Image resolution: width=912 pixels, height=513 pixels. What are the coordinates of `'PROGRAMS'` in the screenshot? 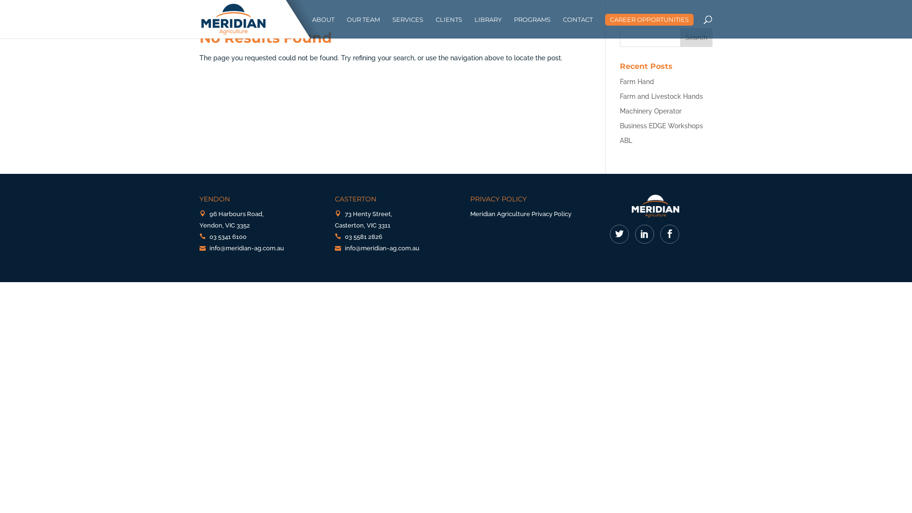 It's located at (513, 27).